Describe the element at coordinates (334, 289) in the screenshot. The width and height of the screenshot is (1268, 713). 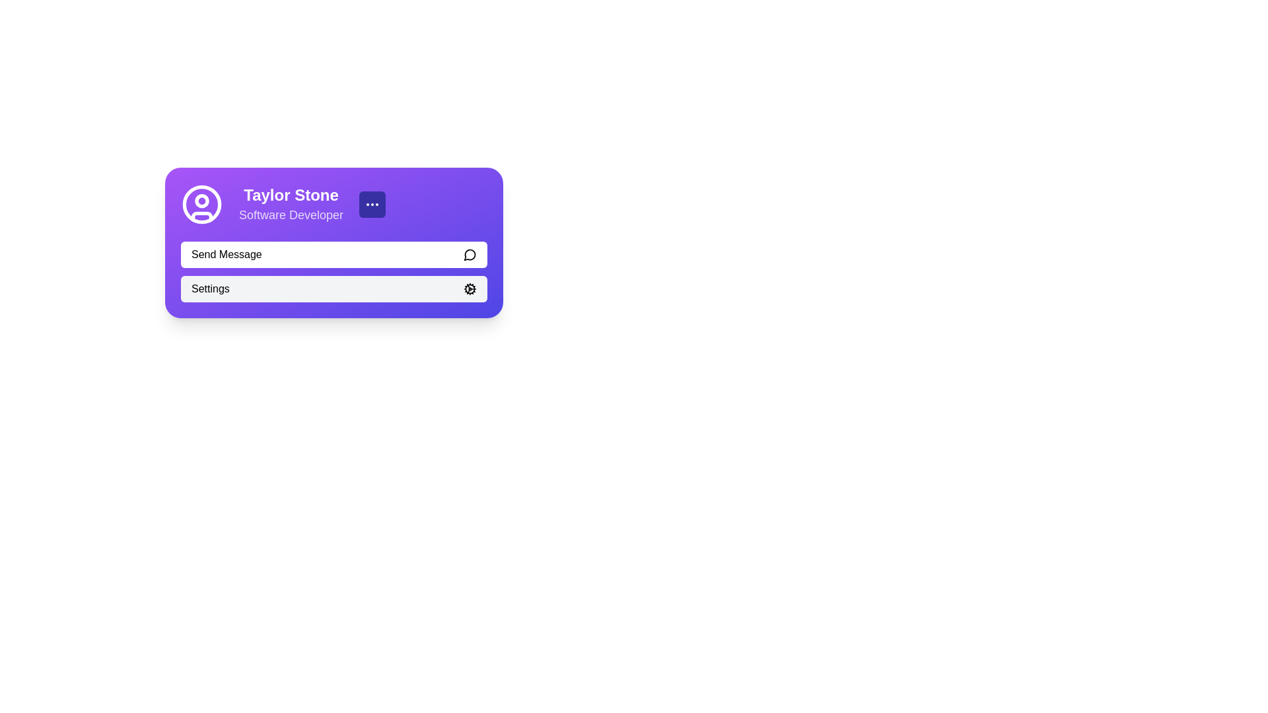
I see `the settings button located below the 'Send Message' button in the card-like UI element` at that location.